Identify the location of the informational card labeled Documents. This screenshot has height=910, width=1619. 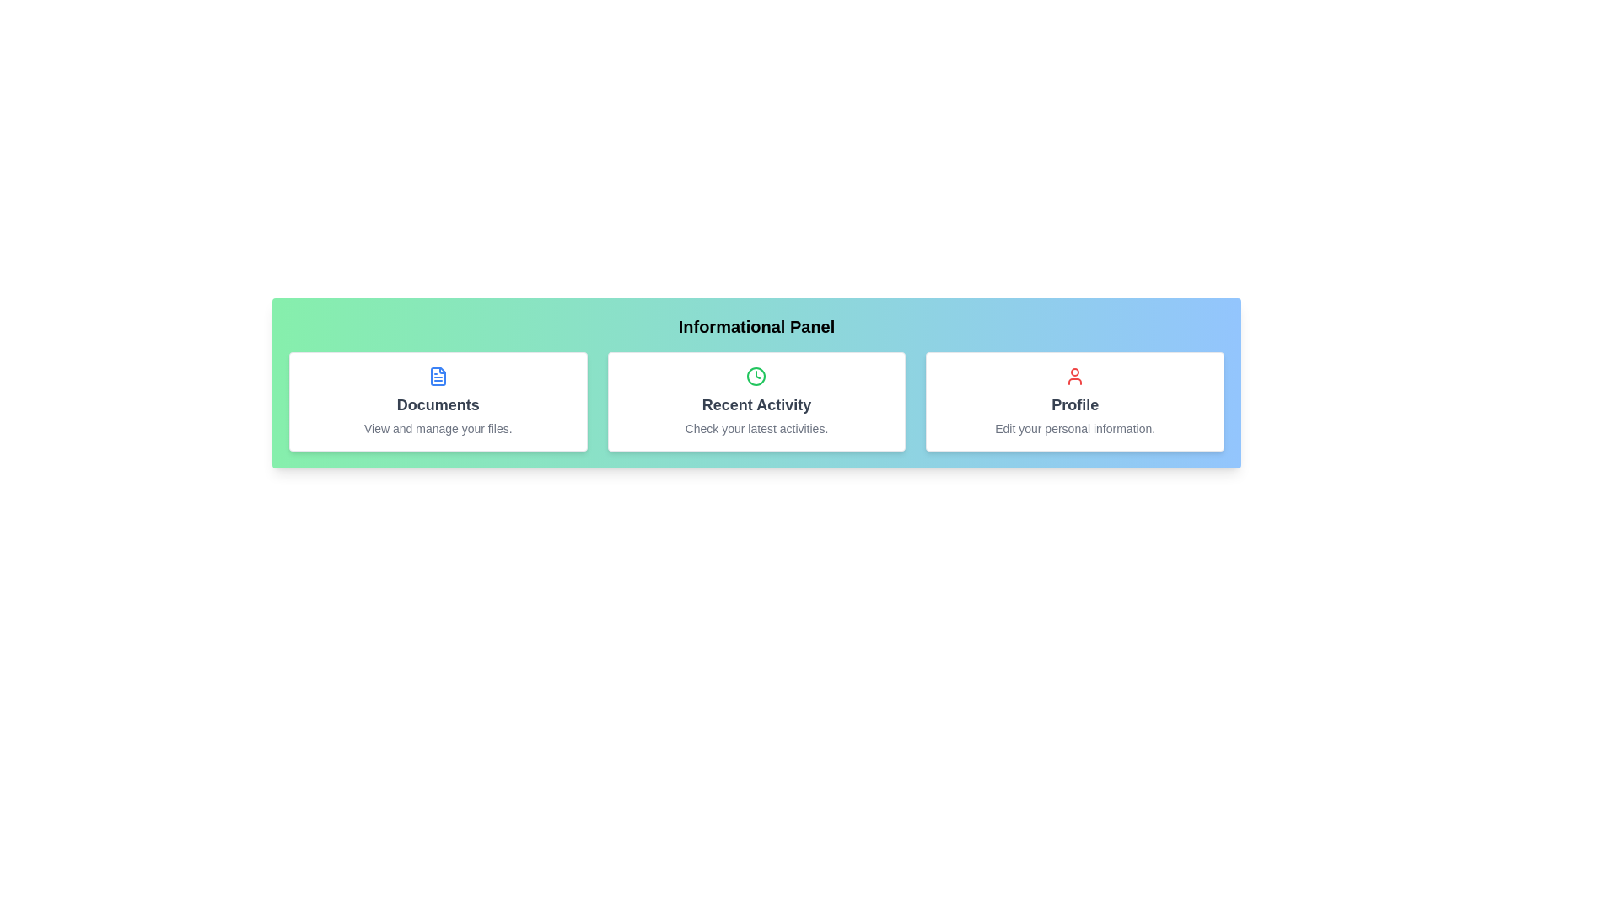
(438, 402).